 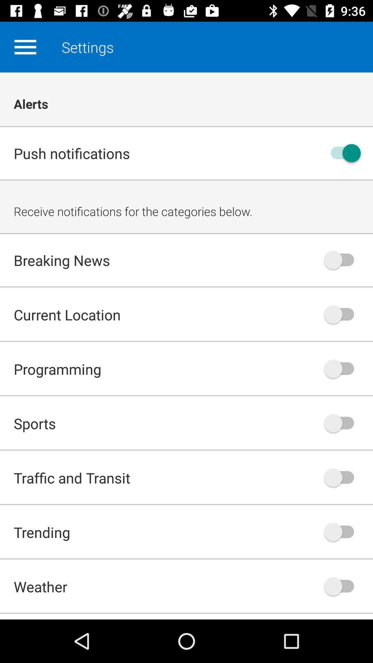 What do you see at coordinates (342, 477) in the screenshot?
I see `on` at bounding box center [342, 477].